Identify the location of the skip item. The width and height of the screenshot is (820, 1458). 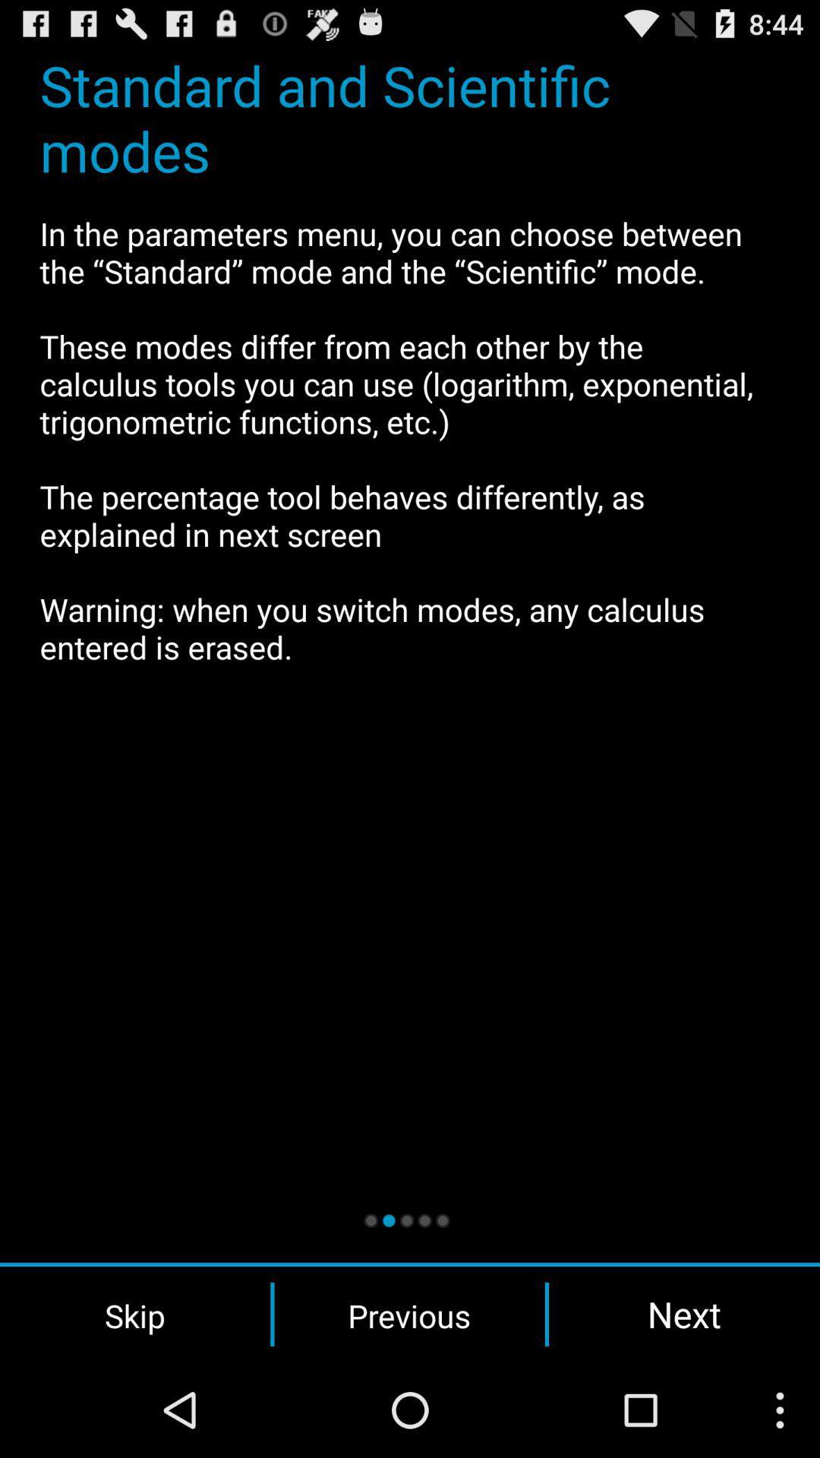
(134, 1314).